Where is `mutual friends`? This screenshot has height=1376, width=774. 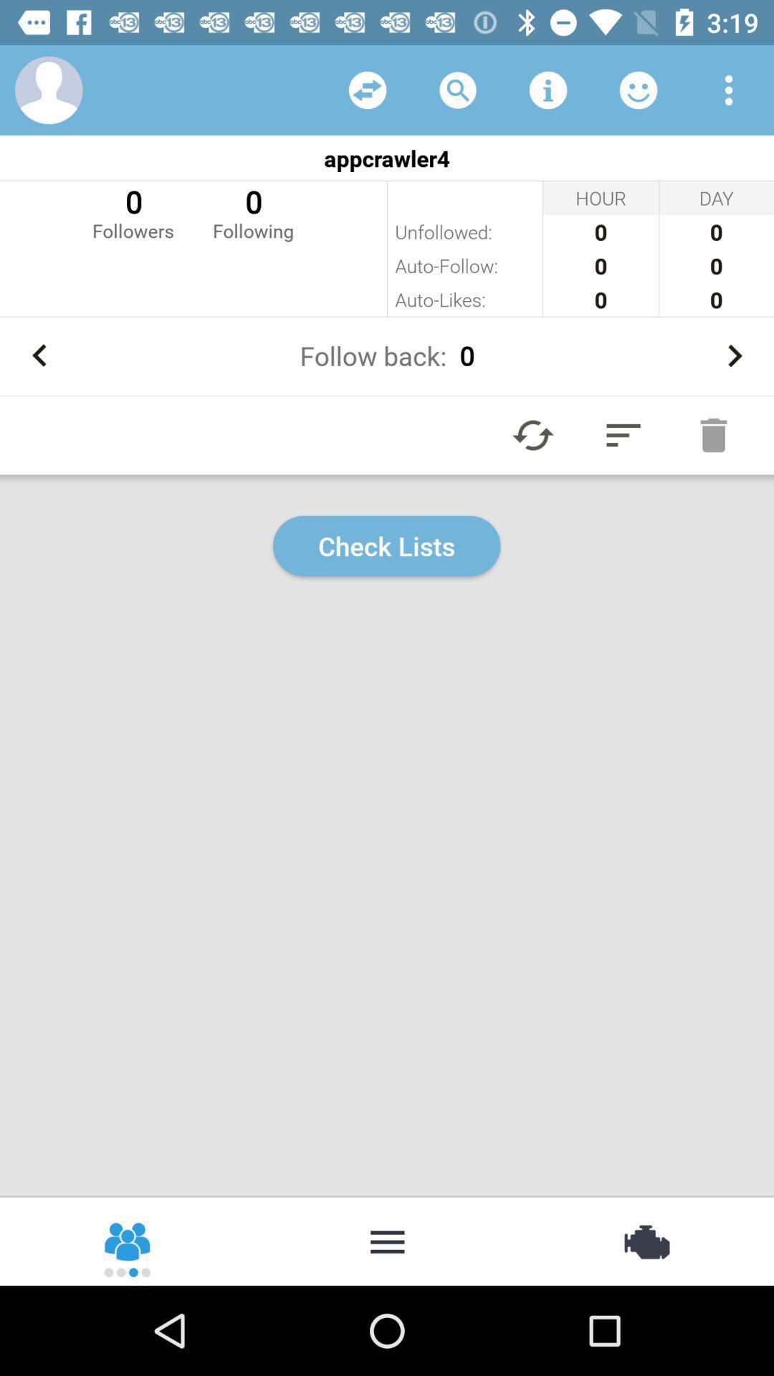 mutual friends is located at coordinates (367, 89).